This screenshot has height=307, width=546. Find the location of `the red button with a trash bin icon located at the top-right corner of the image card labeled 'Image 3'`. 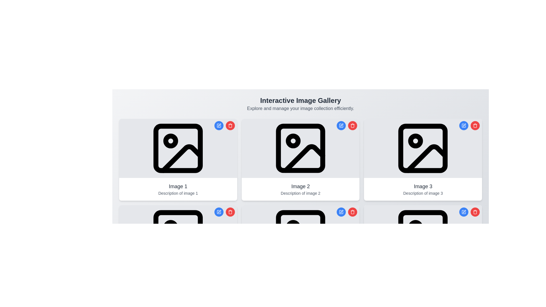

the red button with a trash bin icon located at the top-right corner of the image card labeled 'Image 3' is located at coordinates (470, 125).